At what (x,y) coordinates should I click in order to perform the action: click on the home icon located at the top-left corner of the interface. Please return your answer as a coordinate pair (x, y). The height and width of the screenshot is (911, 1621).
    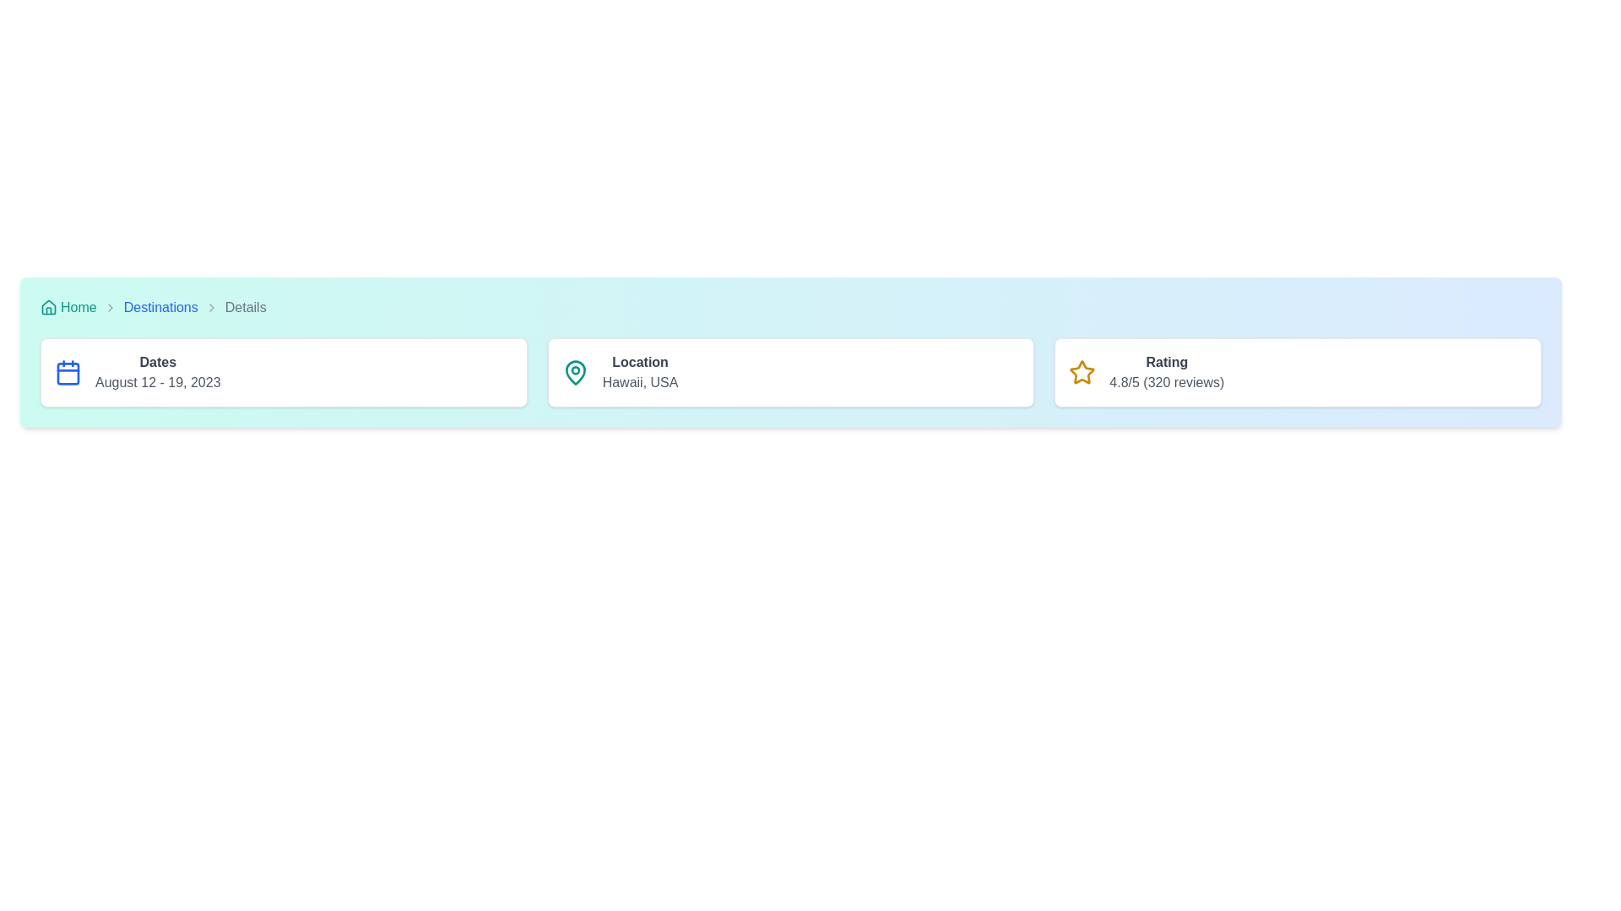
    Looking at the image, I should click on (48, 308).